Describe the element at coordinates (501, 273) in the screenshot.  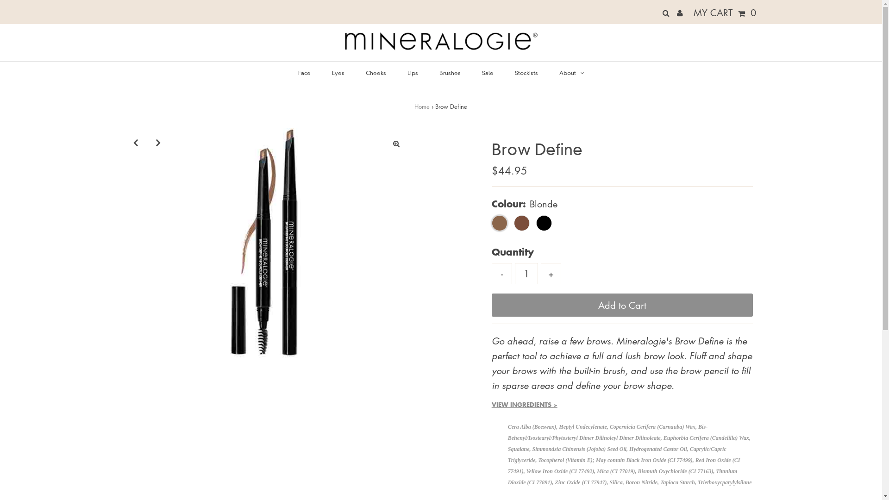
I see `'-'` at that location.